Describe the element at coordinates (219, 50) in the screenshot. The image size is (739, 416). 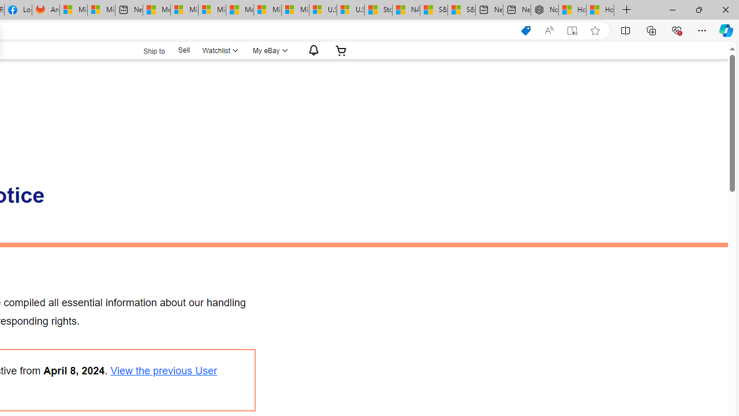
I see `'Watchlist'` at that location.